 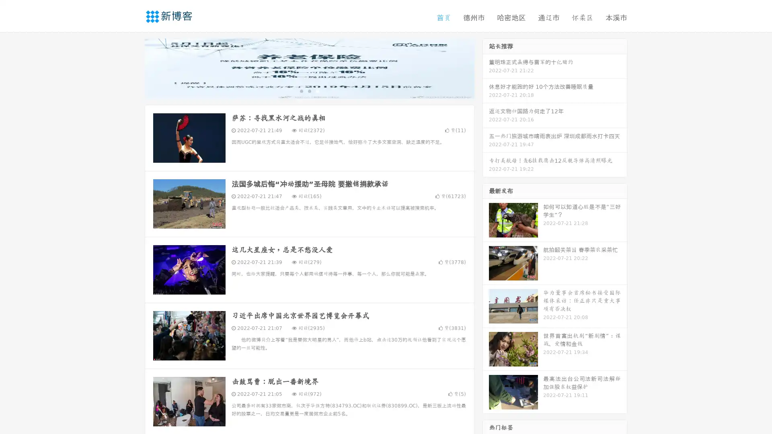 I want to click on Go to slide 3, so click(x=317, y=90).